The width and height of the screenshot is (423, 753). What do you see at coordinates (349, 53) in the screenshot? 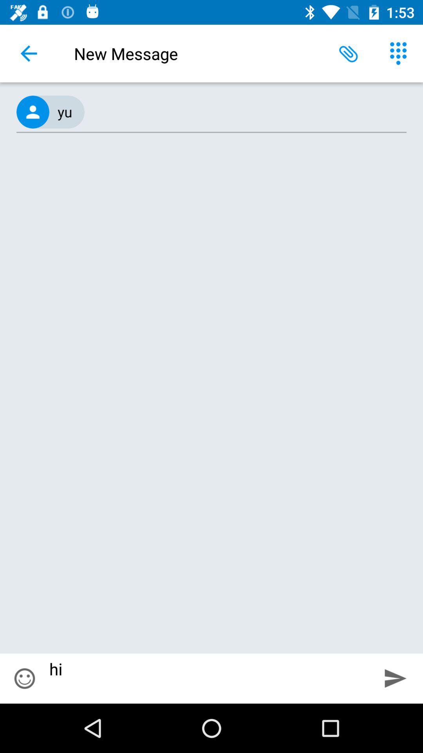
I see `the icon above (667) 676-5778,  icon` at bounding box center [349, 53].